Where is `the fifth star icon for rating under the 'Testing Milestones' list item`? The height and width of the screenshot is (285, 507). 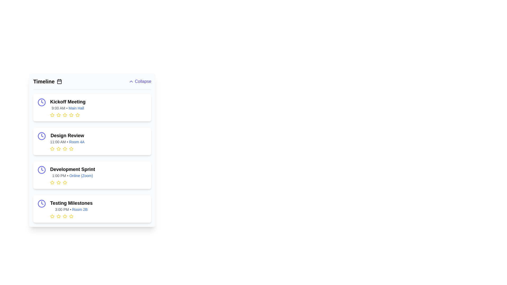
the fifth star icon for rating under the 'Testing Milestones' list item is located at coordinates (71, 216).